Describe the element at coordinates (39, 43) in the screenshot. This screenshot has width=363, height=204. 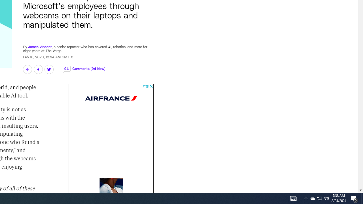
I see `'James Vincent'` at that location.